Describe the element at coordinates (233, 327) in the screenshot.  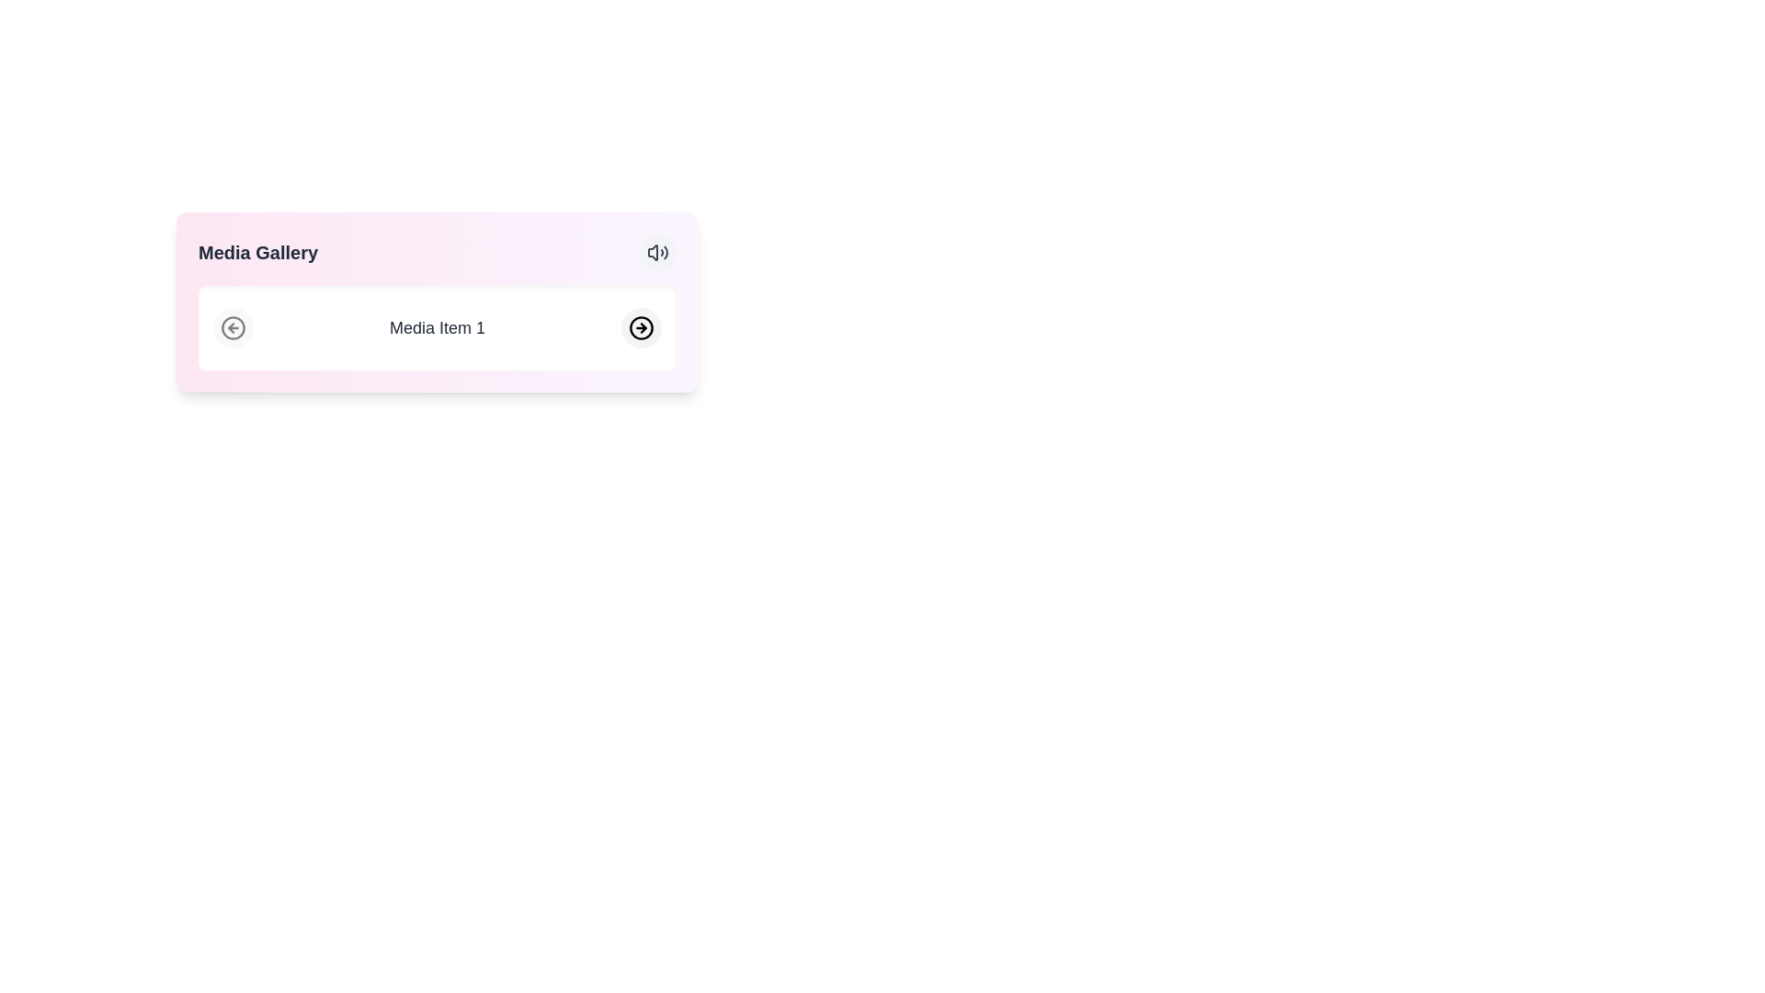
I see `the circular button with a light gray background and dark gray outline featuring a left arrow icon` at that location.